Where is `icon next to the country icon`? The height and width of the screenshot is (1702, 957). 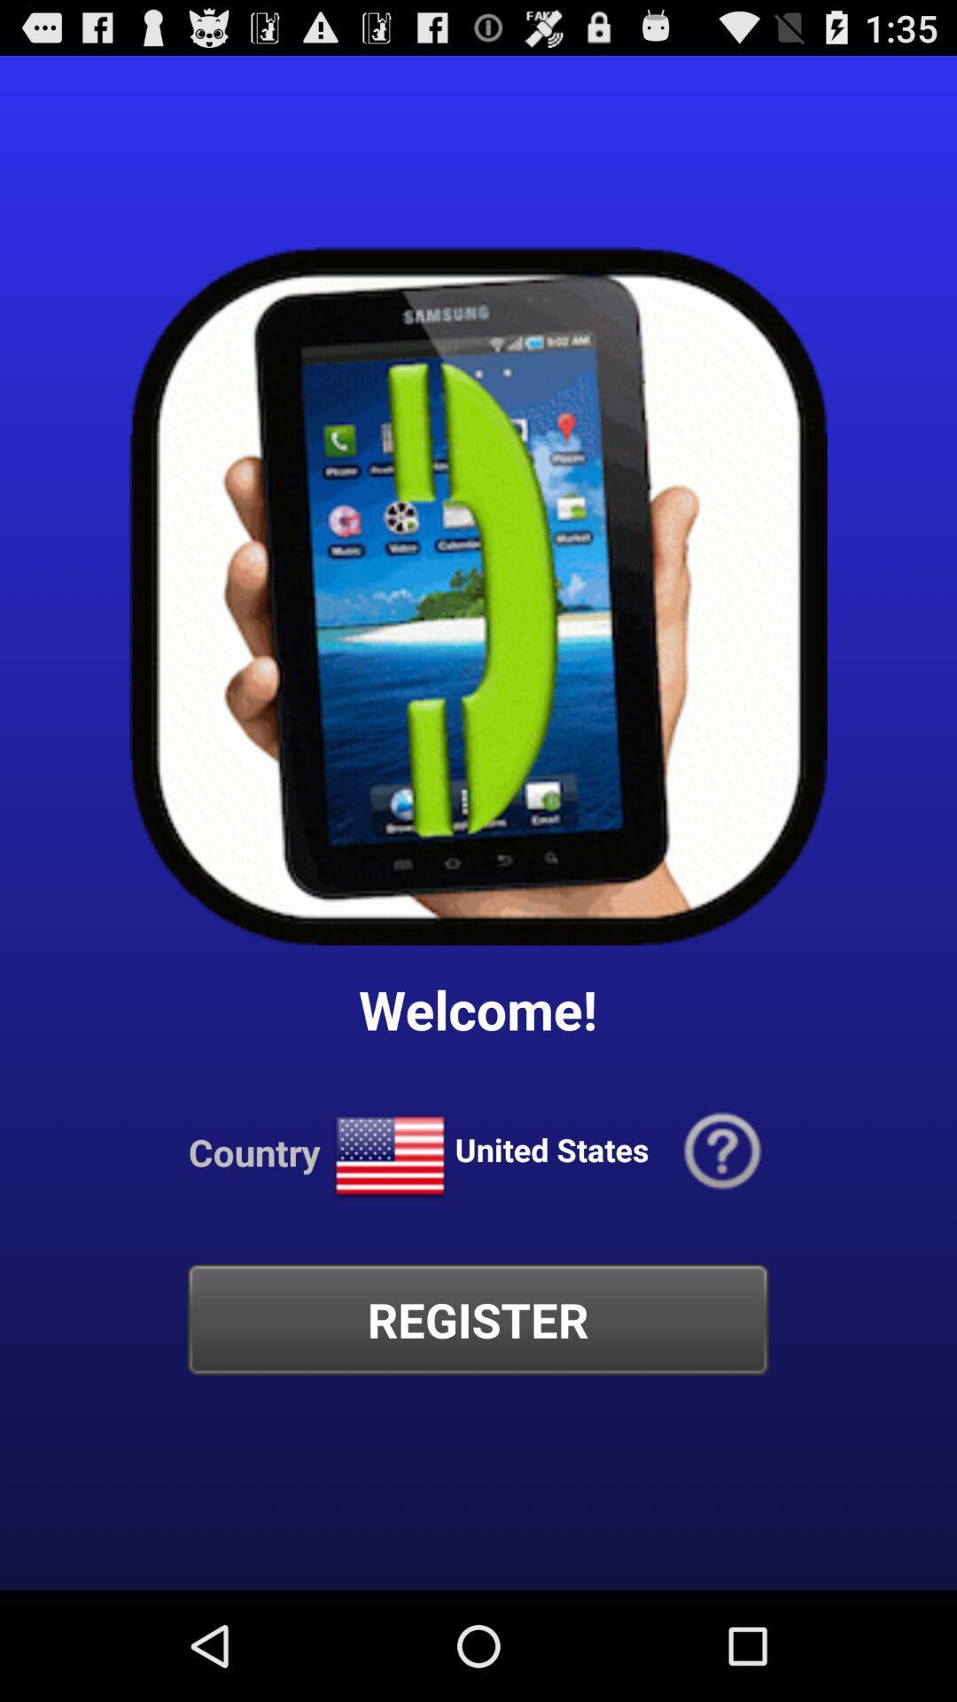 icon next to the country icon is located at coordinates (389, 1157).